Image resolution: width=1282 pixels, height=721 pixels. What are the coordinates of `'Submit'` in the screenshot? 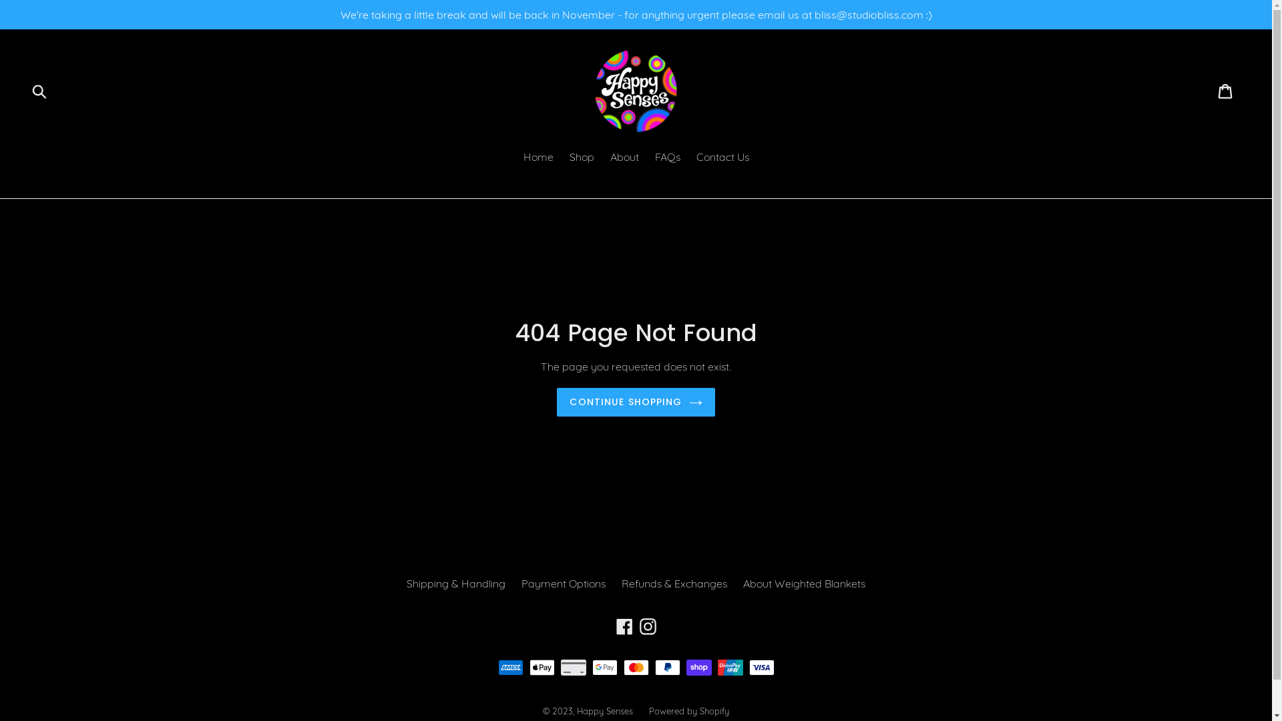 It's located at (40, 90).